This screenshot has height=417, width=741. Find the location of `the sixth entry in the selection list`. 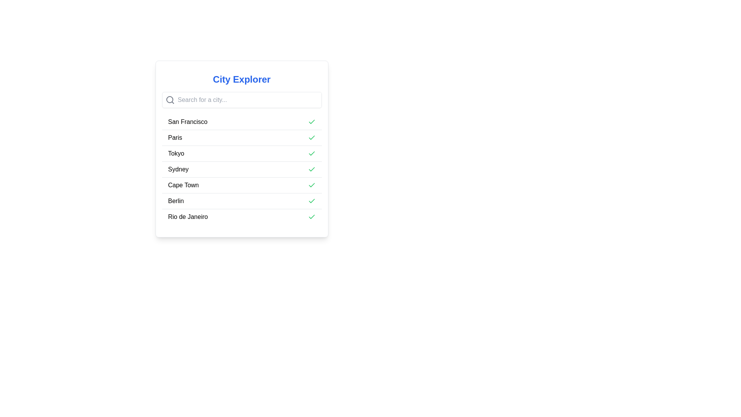

the sixth entry in the selection list is located at coordinates (241, 200).